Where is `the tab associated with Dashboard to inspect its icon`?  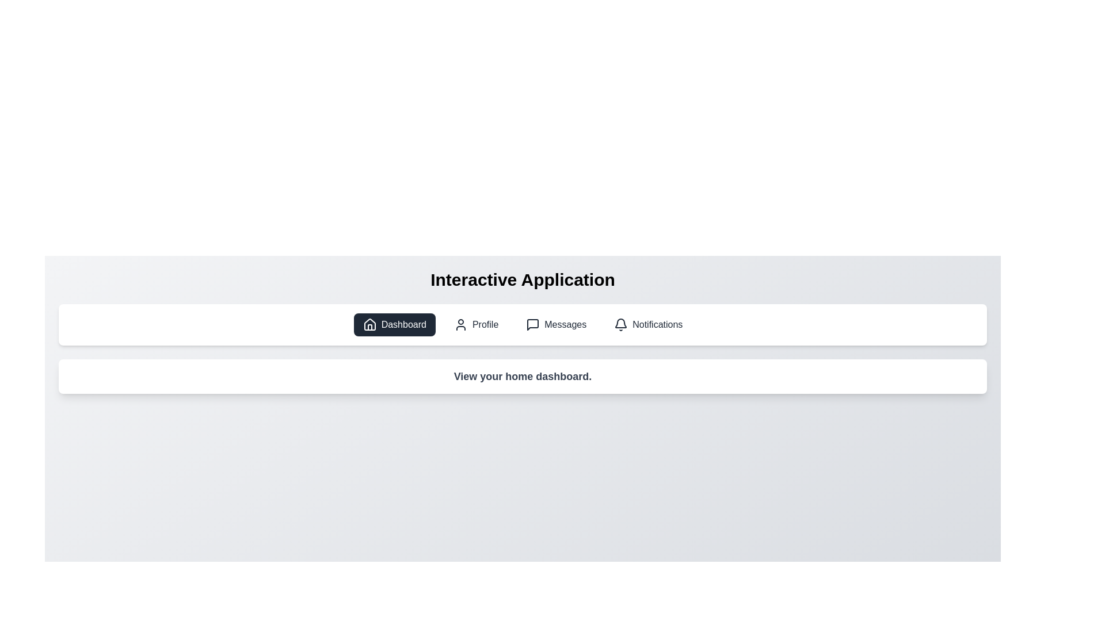 the tab associated with Dashboard to inspect its icon is located at coordinates (394, 324).